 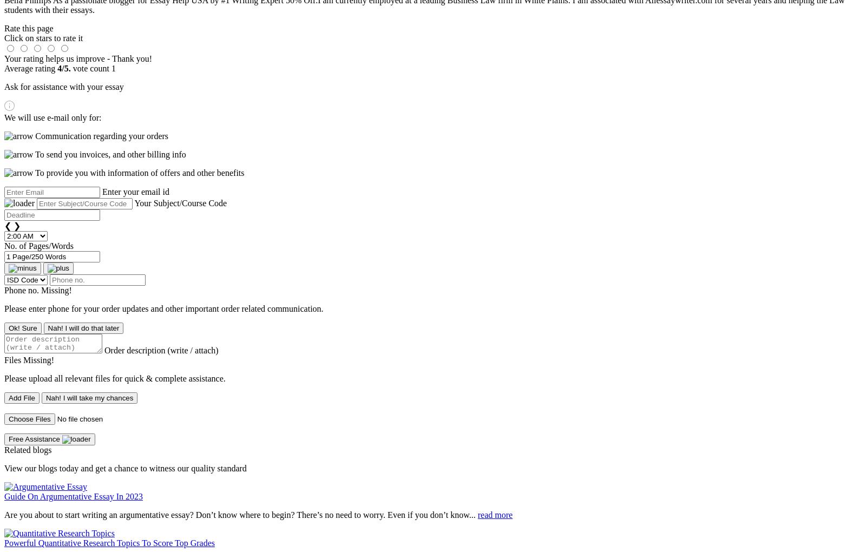 What do you see at coordinates (30, 68) in the screenshot?
I see `'Average rating'` at bounding box center [30, 68].